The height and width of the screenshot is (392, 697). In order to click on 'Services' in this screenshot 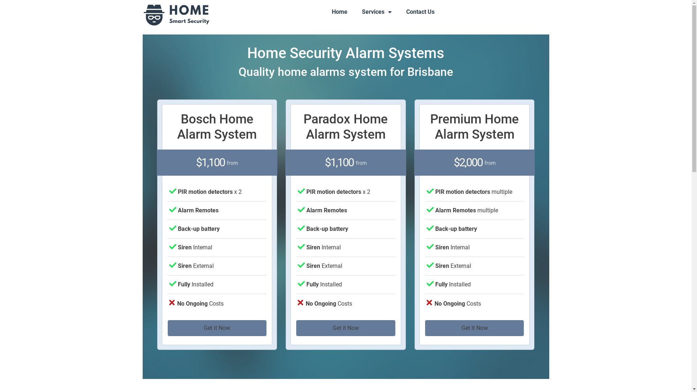, I will do `click(355, 12)`.